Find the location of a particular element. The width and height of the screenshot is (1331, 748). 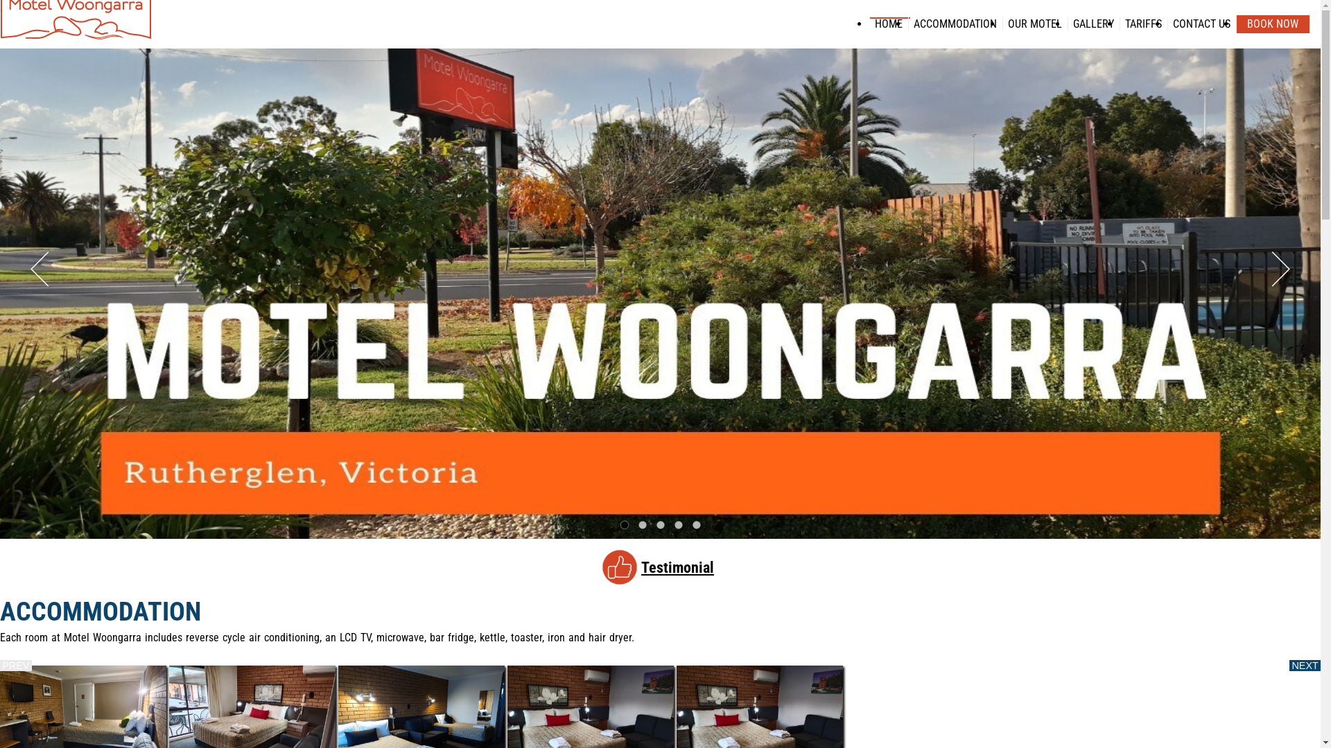

'TARIFFS' is located at coordinates (1119, 24).